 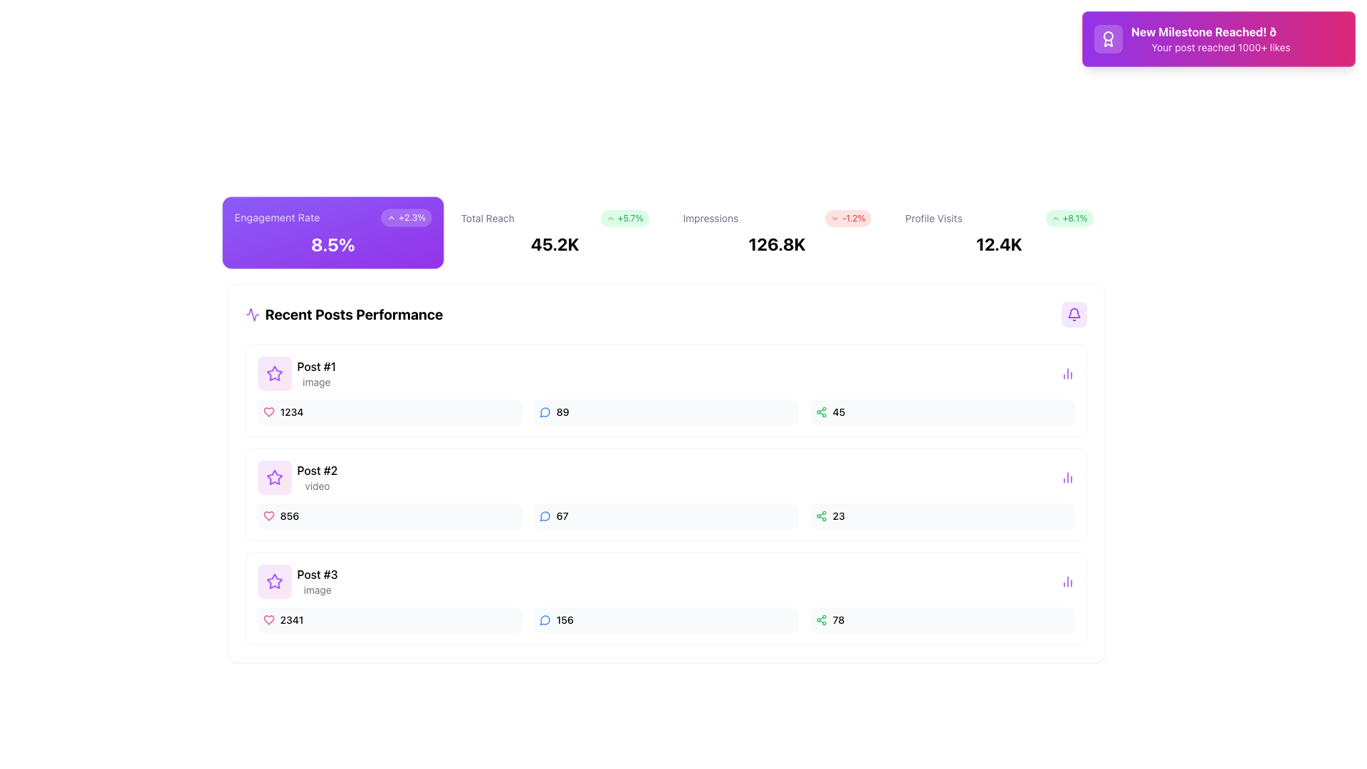 What do you see at coordinates (1218, 38) in the screenshot?
I see `the Notification banner that informs the user about reaching over 1000 likes, positioned at the top-right corner of the interface` at bounding box center [1218, 38].